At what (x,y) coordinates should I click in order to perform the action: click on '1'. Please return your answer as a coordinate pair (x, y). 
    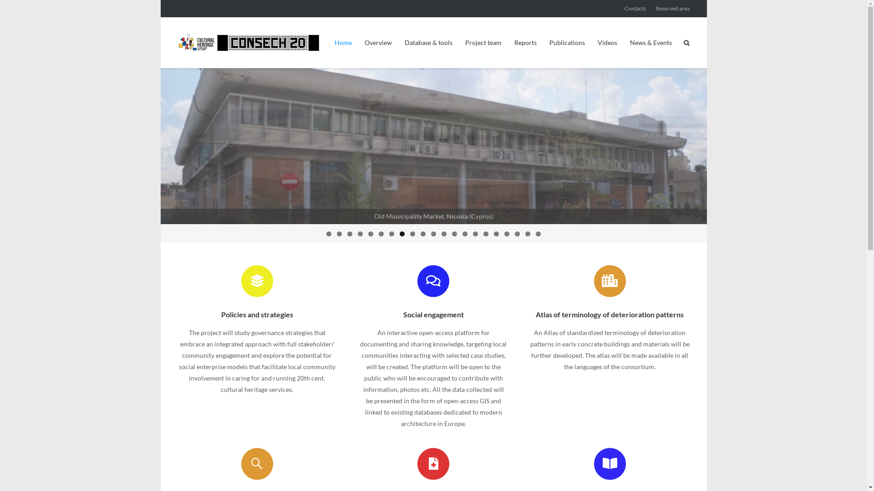
    Looking at the image, I should click on (328, 233).